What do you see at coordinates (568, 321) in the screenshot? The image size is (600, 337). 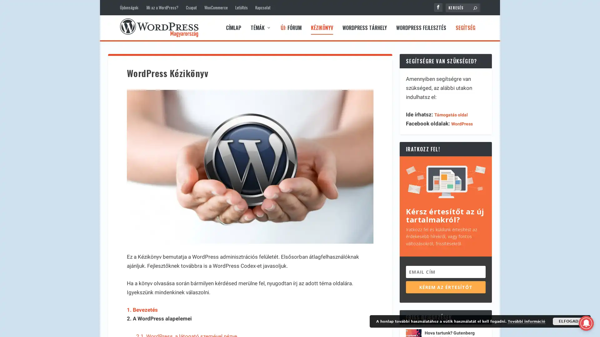 I see `ELFOGAD` at bounding box center [568, 321].